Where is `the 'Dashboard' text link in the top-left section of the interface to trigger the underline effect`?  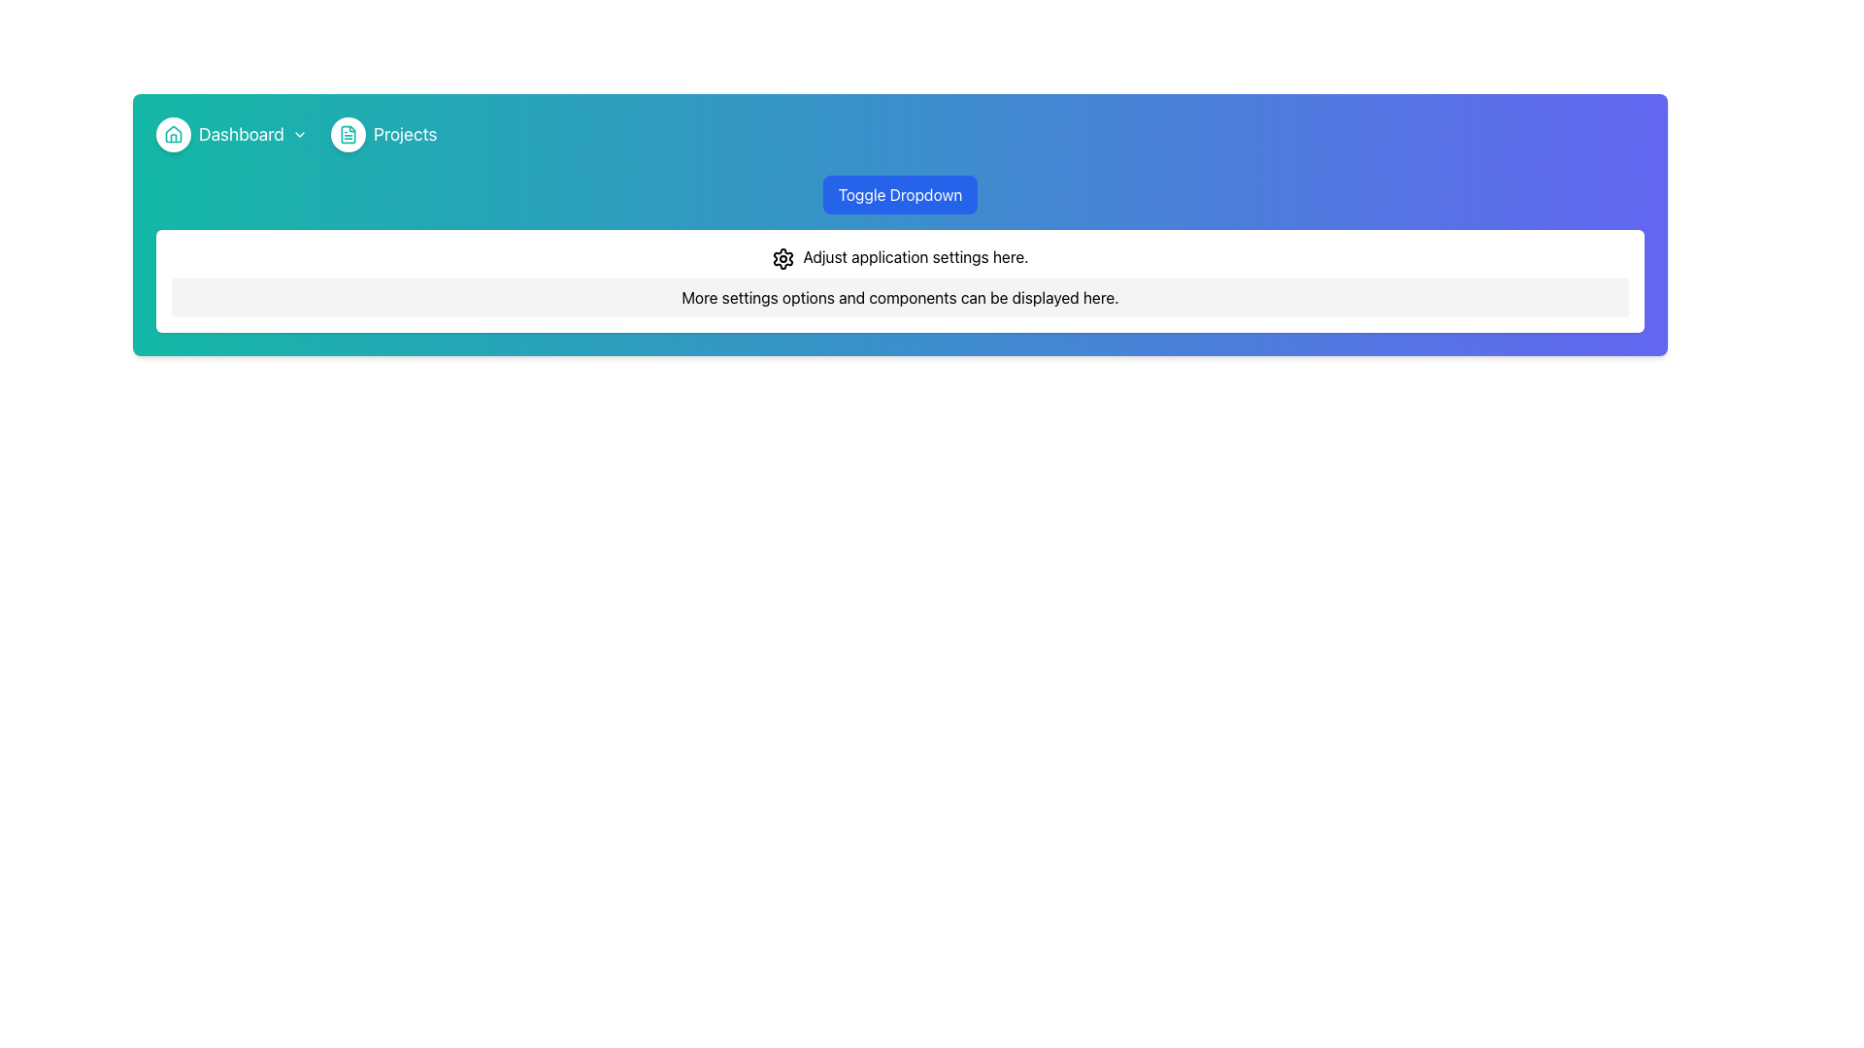 the 'Dashboard' text link in the top-left section of the interface to trigger the underline effect is located at coordinates (241, 133).